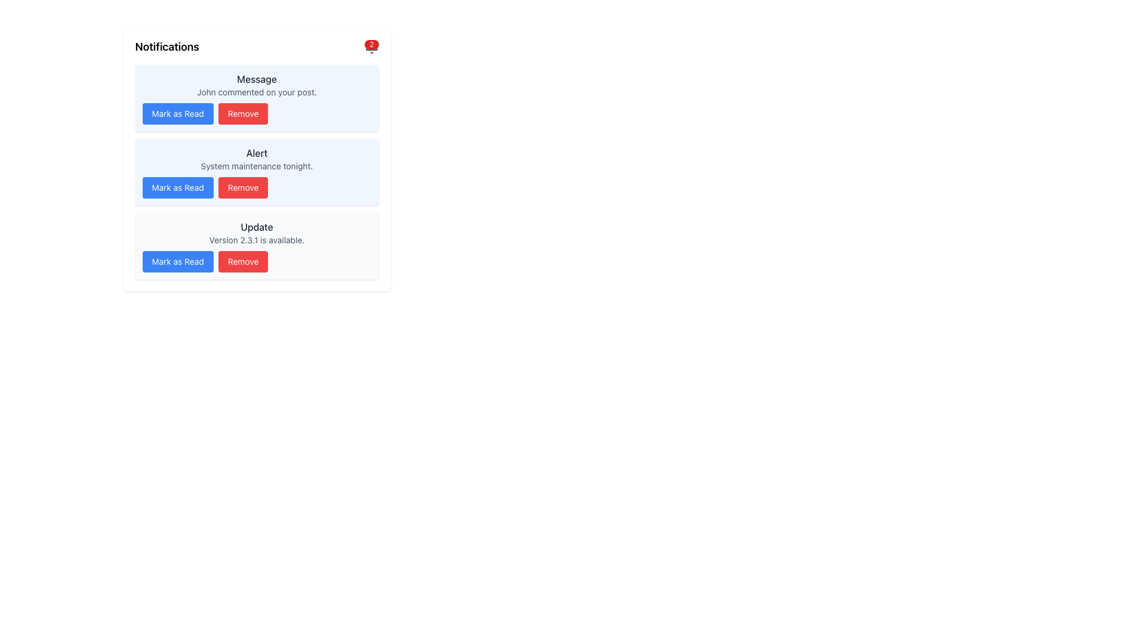  Describe the element at coordinates (256, 79) in the screenshot. I see `the notification title label that indicates the type or subject of the notification, located at the top-left corner of the 'Notifications' list` at that location.